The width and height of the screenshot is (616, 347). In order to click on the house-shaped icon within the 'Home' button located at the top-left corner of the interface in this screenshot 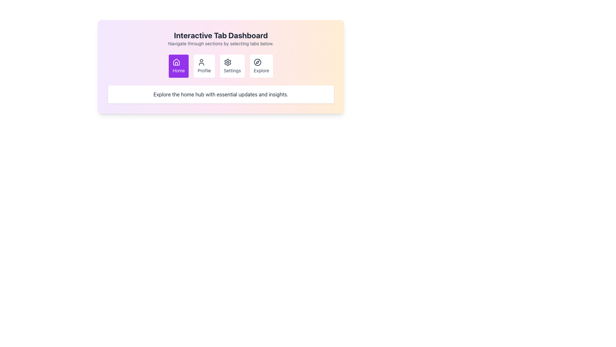, I will do `click(176, 64)`.